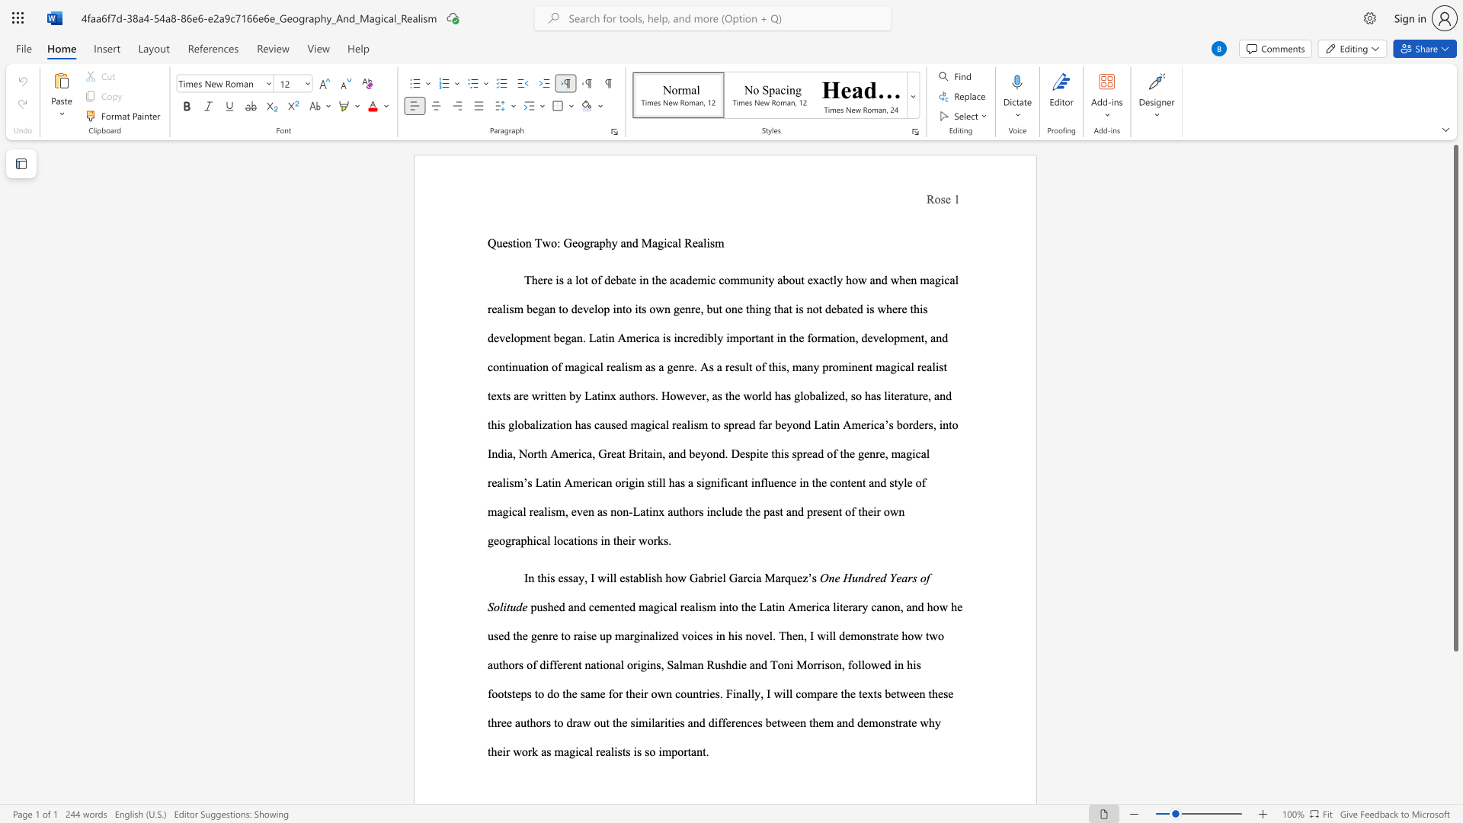  Describe the element at coordinates (914, 722) in the screenshot. I see `the 2th character "e" in the text` at that location.